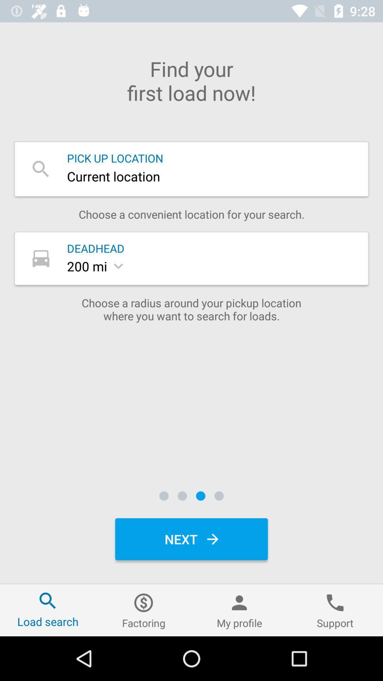  I want to click on item to the left of the factoring, so click(48, 610).